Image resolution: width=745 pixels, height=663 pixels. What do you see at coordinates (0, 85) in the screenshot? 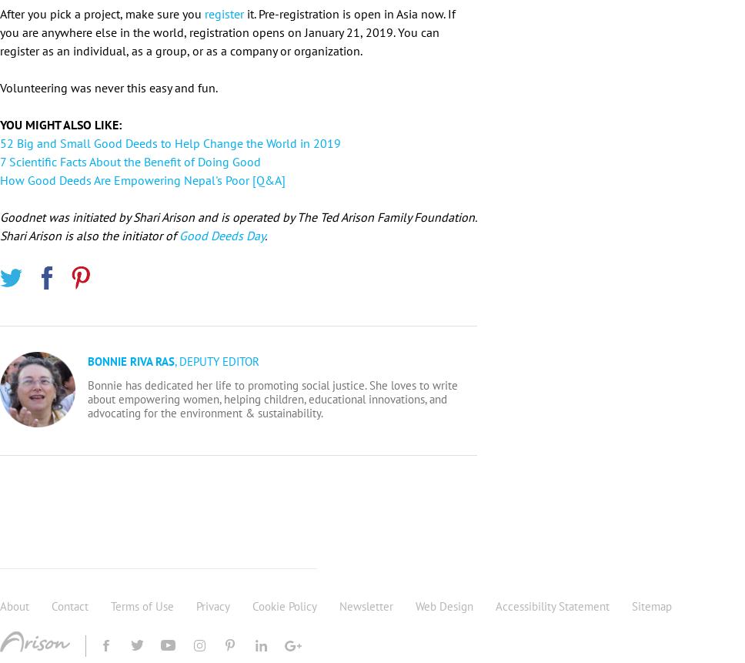
I see `'Volunteering was never this easy and fun.'` at bounding box center [0, 85].